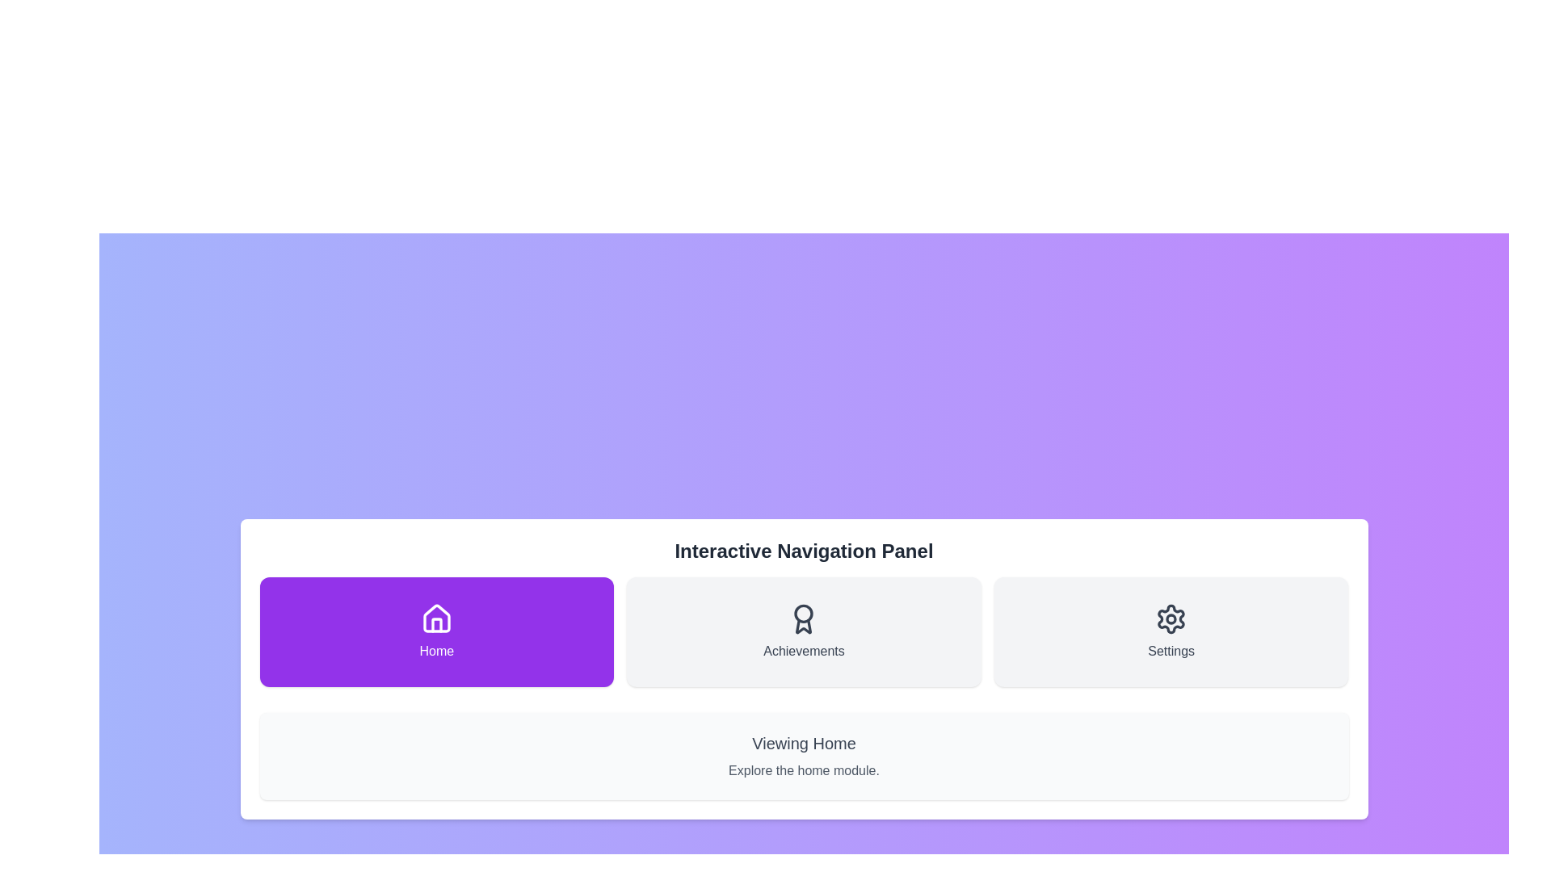  I want to click on the graphical badge-like component resembling a ribbon or medal at the bottom of a circular shape within the Achievements panel, so click(804, 626).